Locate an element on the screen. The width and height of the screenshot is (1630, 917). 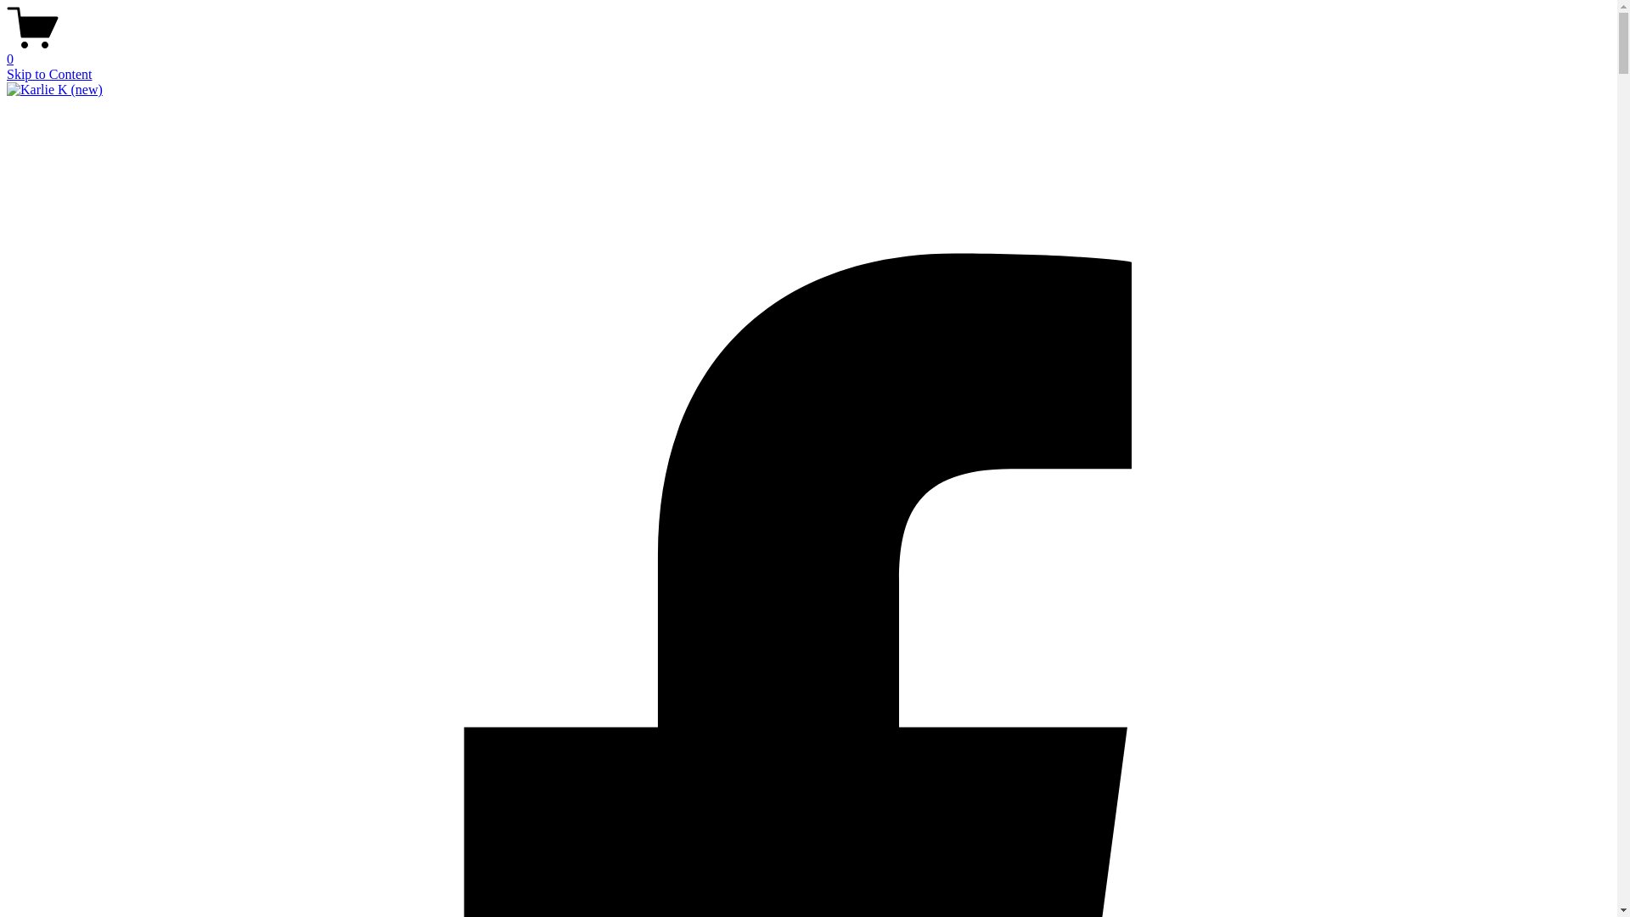
'0' is located at coordinates (7, 51).